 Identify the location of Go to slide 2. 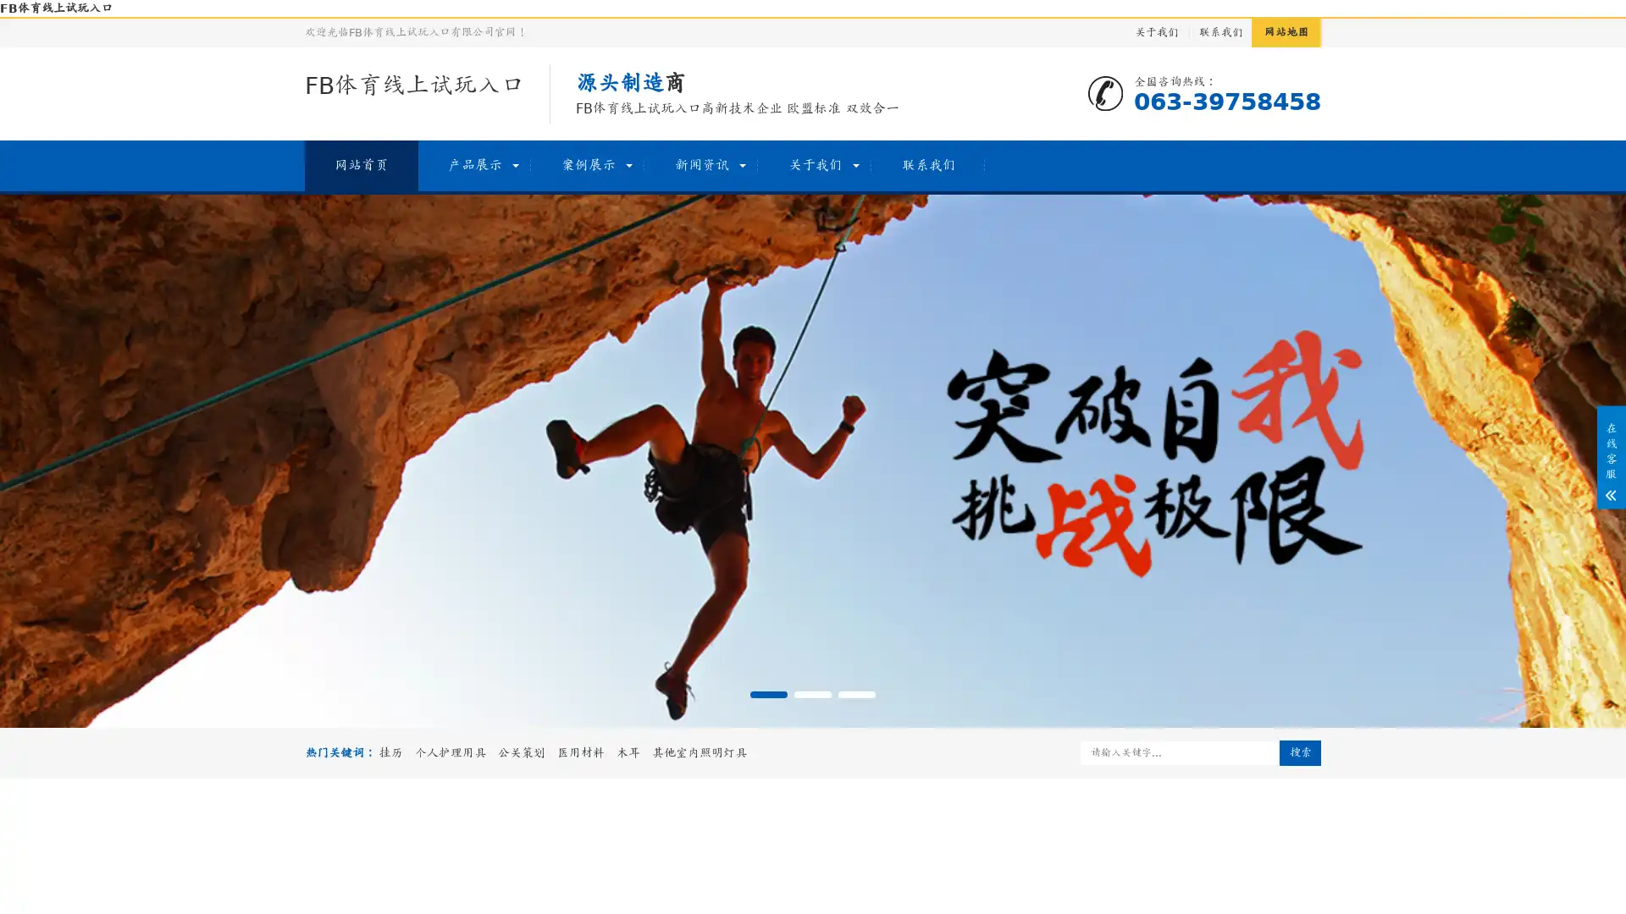
(813, 695).